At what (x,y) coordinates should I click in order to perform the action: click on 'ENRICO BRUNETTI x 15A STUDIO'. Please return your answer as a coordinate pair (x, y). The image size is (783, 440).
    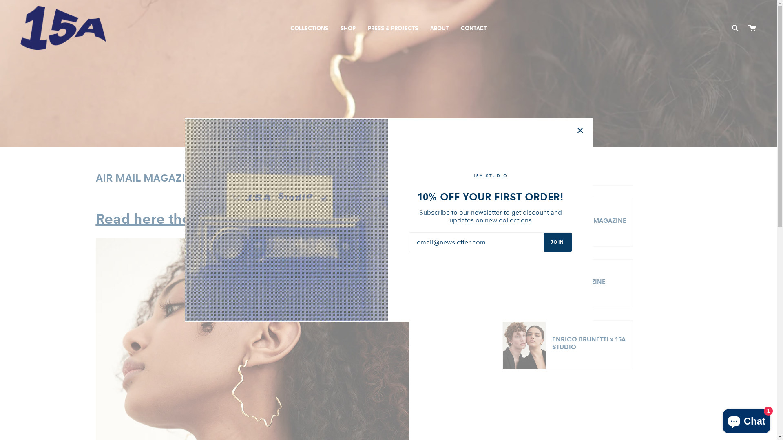
    Looking at the image, I should click on (567, 344).